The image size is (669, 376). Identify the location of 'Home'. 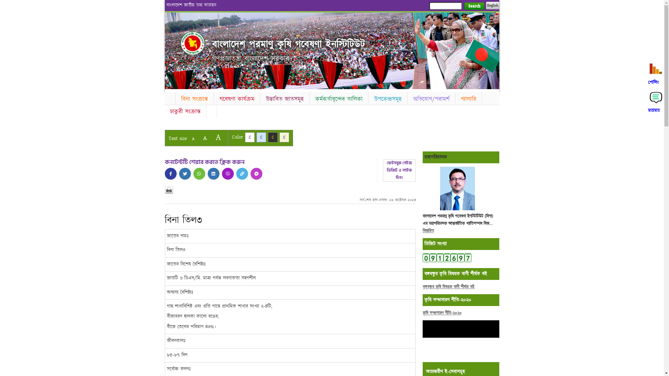
(169, 97).